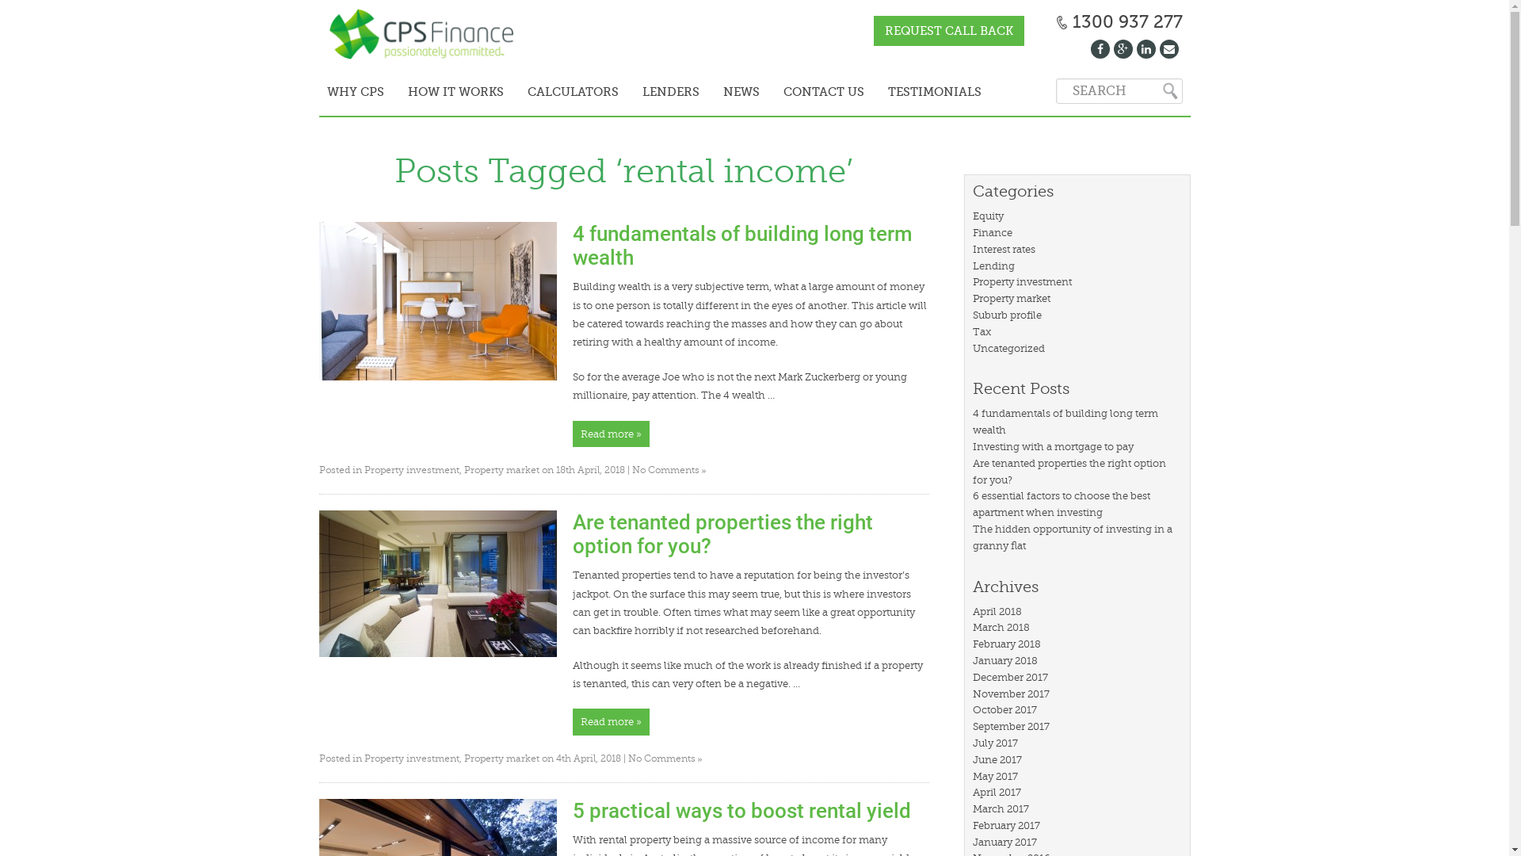  Describe the element at coordinates (993, 265) in the screenshot. I see `'Lending'` at that location.